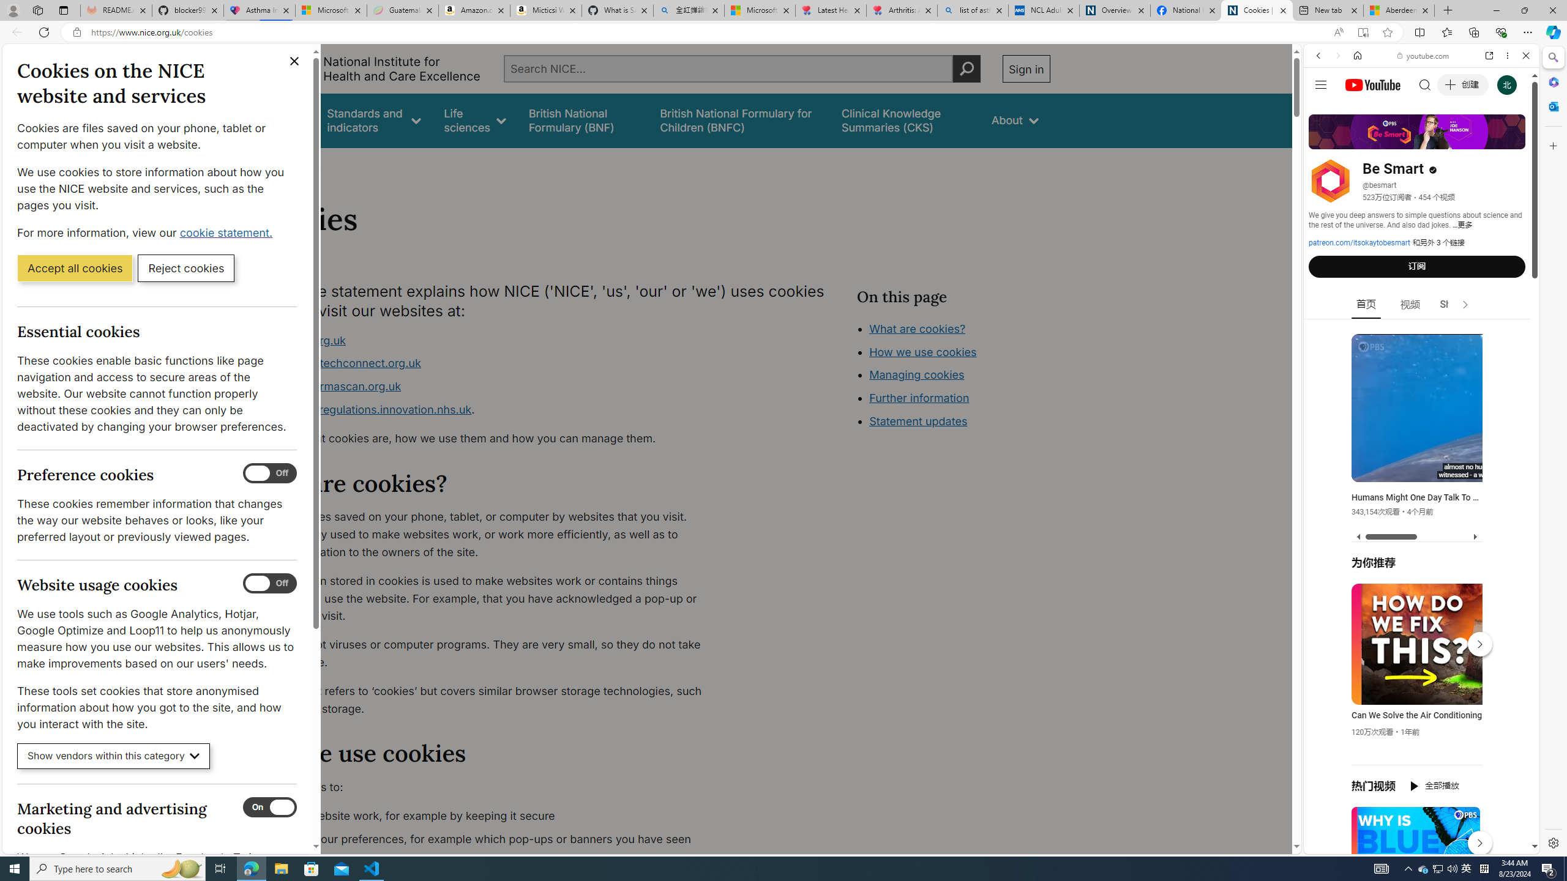 This screenshot has width=1567, height=881. I want to click on 'Class: dict_pnIcon rms_img', so click(1412, 844).